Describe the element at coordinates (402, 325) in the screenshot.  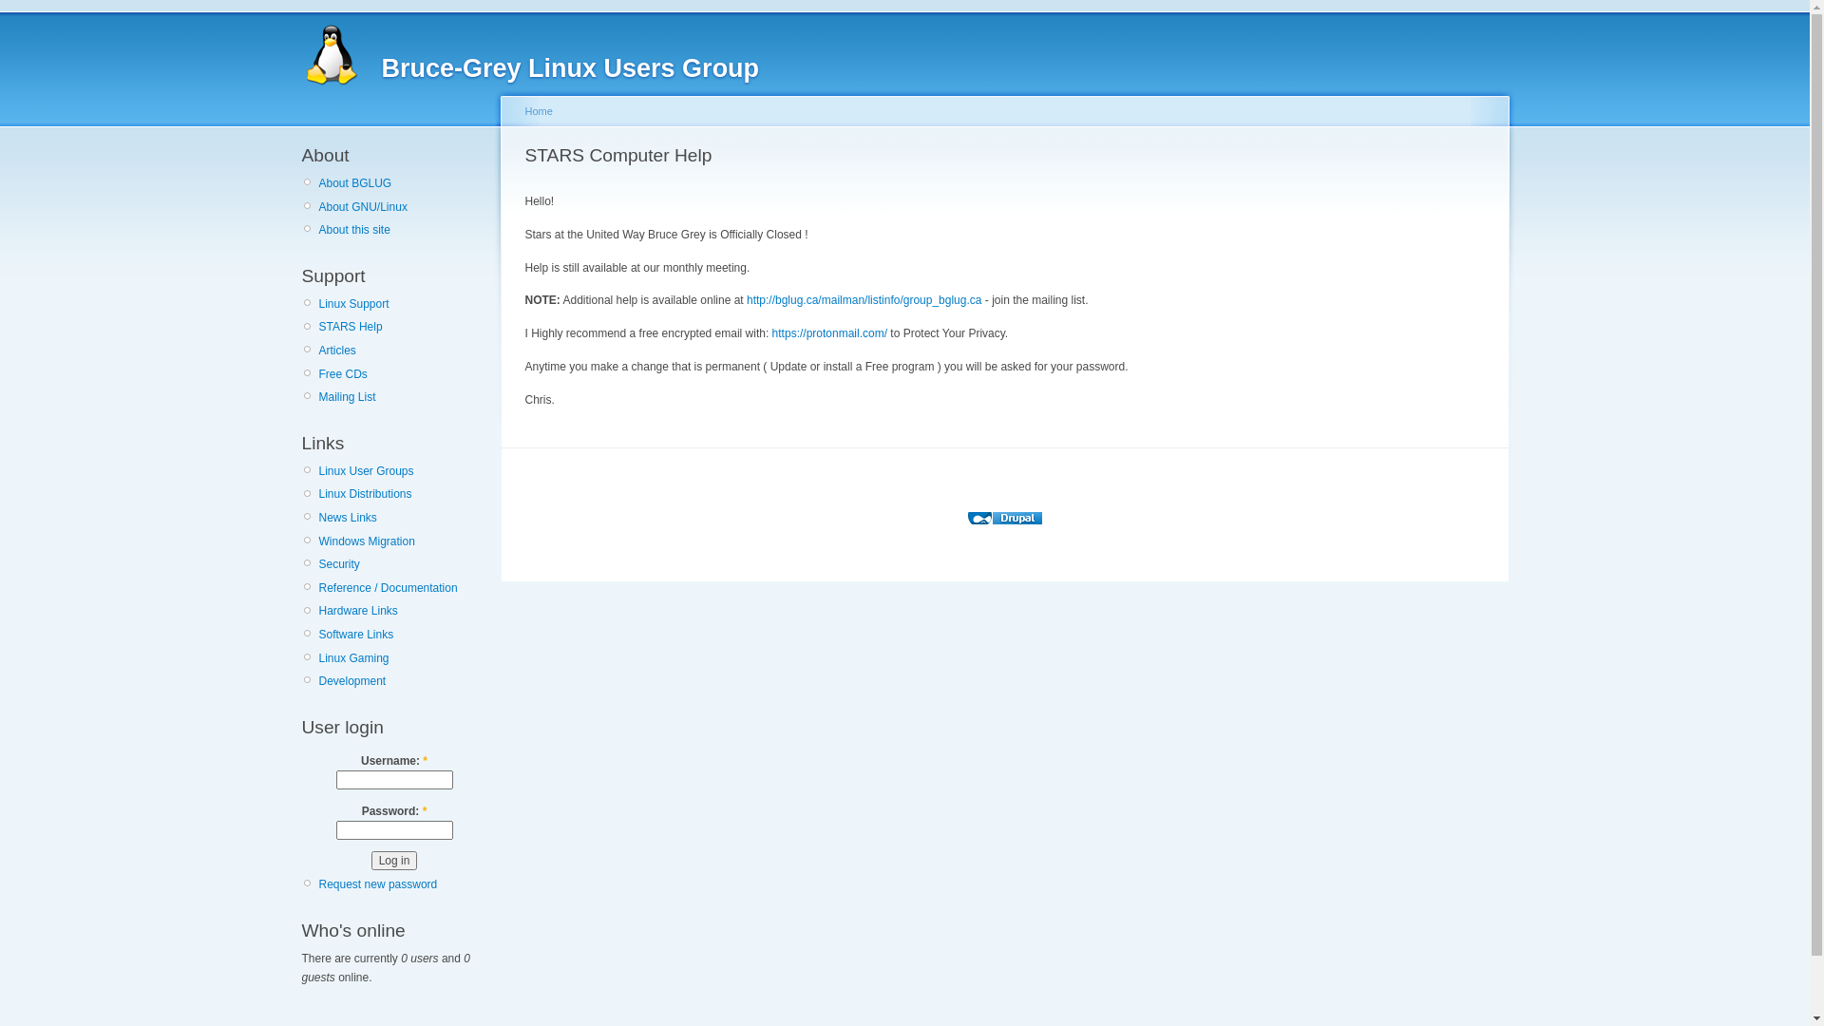
I see `'STARS Help'` at that location.